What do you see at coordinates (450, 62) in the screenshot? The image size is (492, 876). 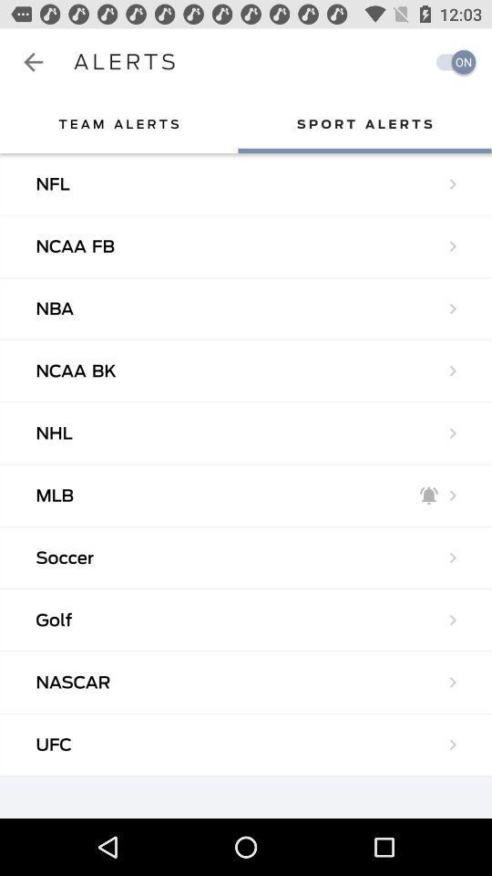 I see `icon next to alerts app` at bounding box center [450, 62].